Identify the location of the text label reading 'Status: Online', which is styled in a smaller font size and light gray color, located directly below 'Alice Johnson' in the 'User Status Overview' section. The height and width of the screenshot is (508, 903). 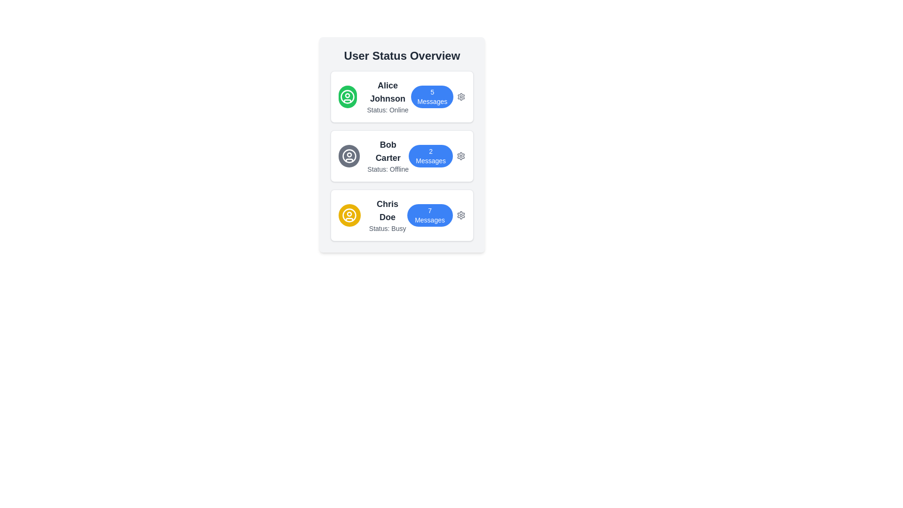
(388, 110).